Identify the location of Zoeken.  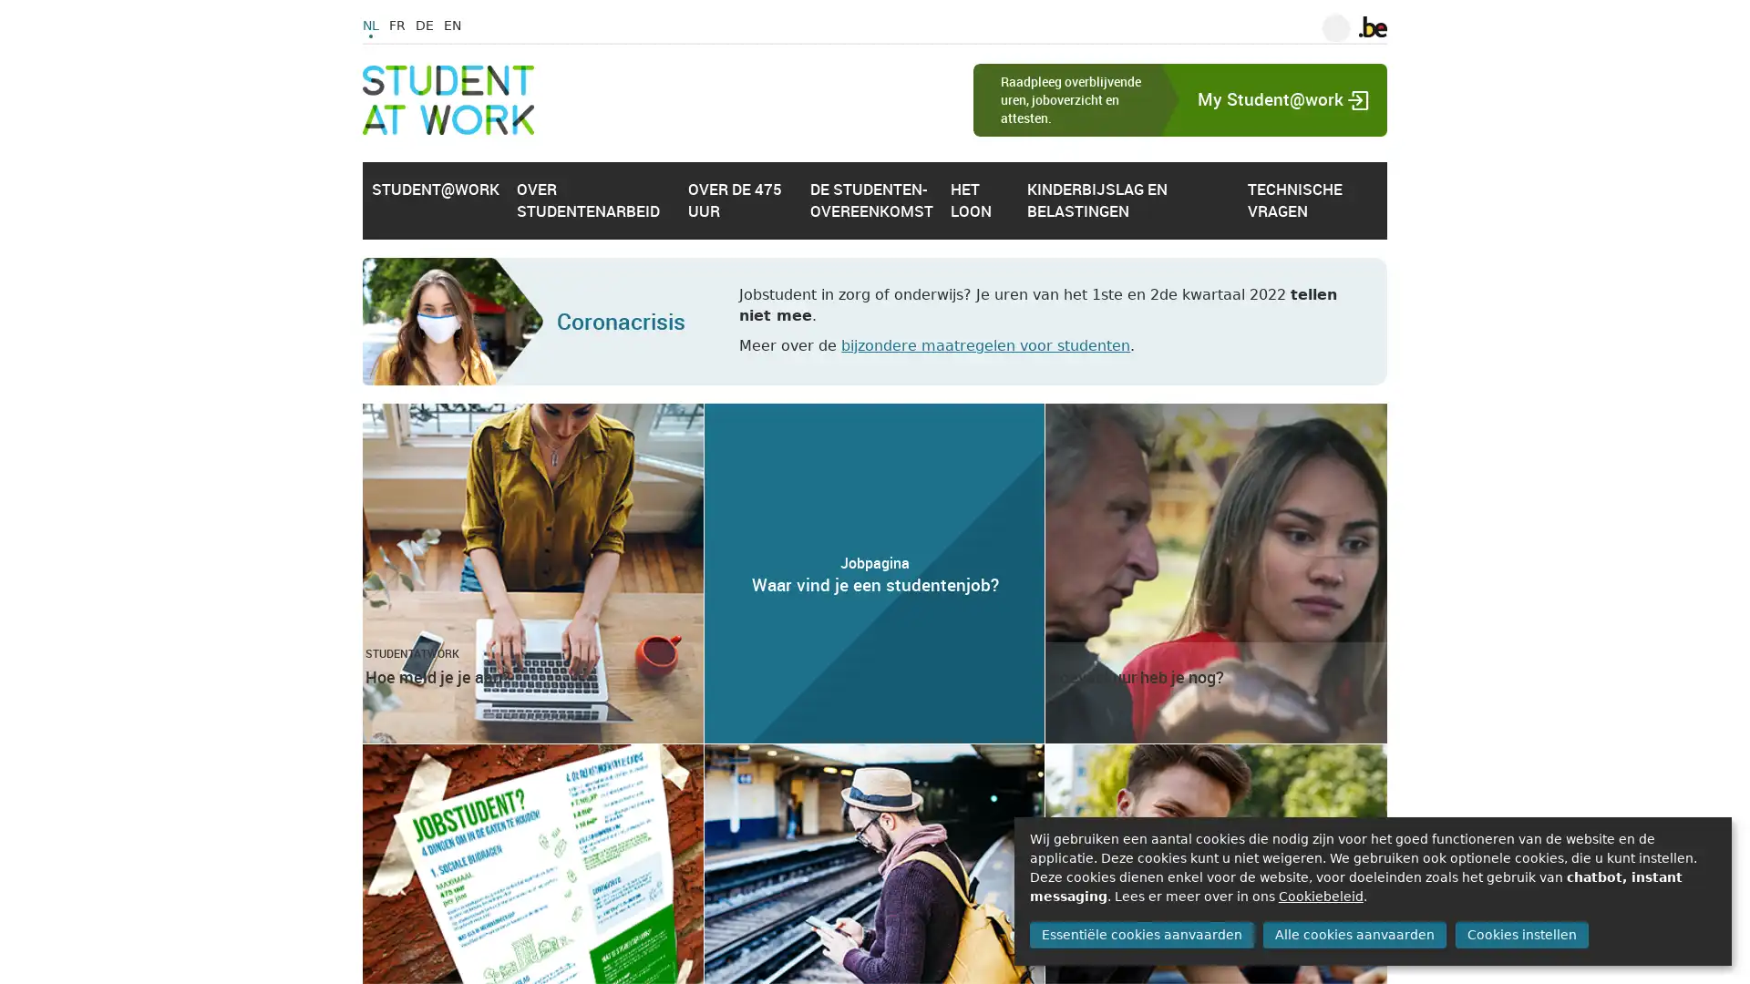
(1334, 27).